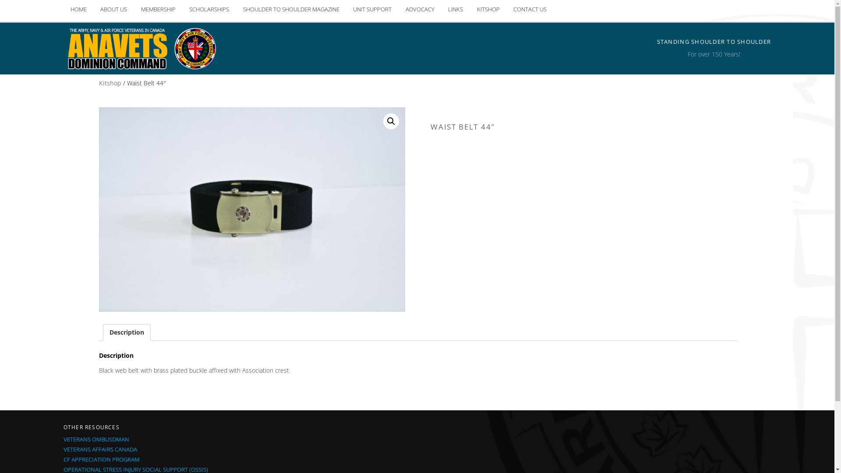 Image resolution: width=841 pixels, height=473 pixels. What do you see at coordinates (113, 9) in the screenshot?
I see `'ABOUT US'` at bounding box center [113, 9].